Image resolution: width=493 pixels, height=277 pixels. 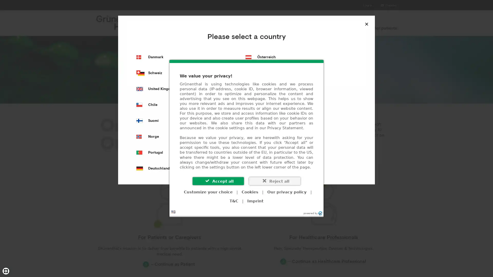 What do you see at coordinates (323, 261) in the screenshot?
I see `... Continue as Healthcare Professional` at bounding box center [323, 261].